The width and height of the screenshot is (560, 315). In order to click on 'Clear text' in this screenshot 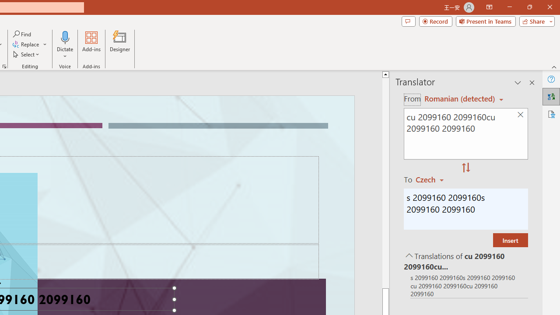, I will do `click(520, 115)`.